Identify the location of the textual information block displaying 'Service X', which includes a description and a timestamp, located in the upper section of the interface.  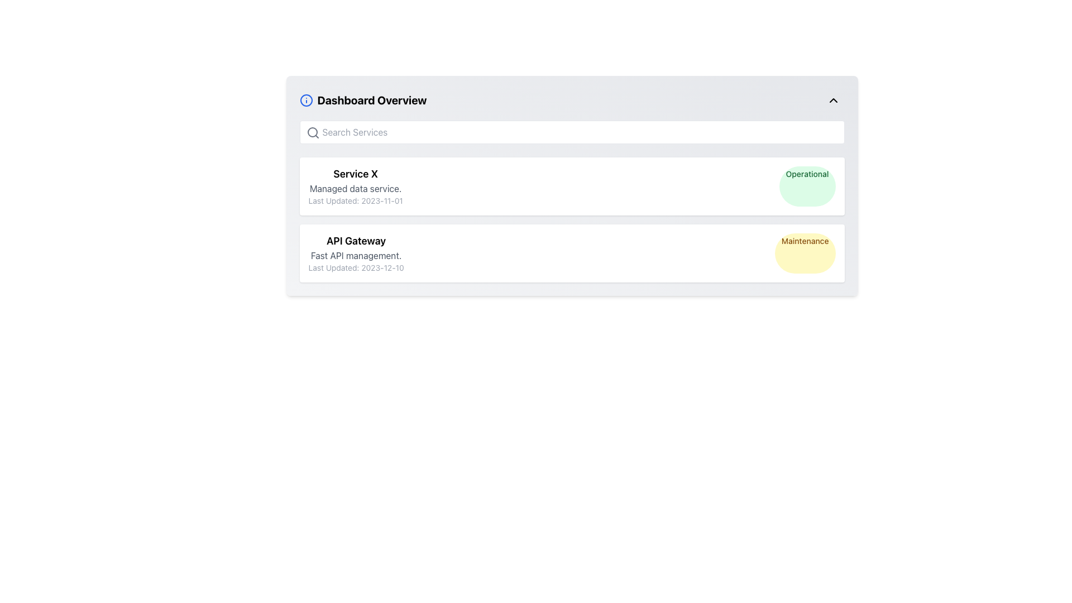
(355, 186).